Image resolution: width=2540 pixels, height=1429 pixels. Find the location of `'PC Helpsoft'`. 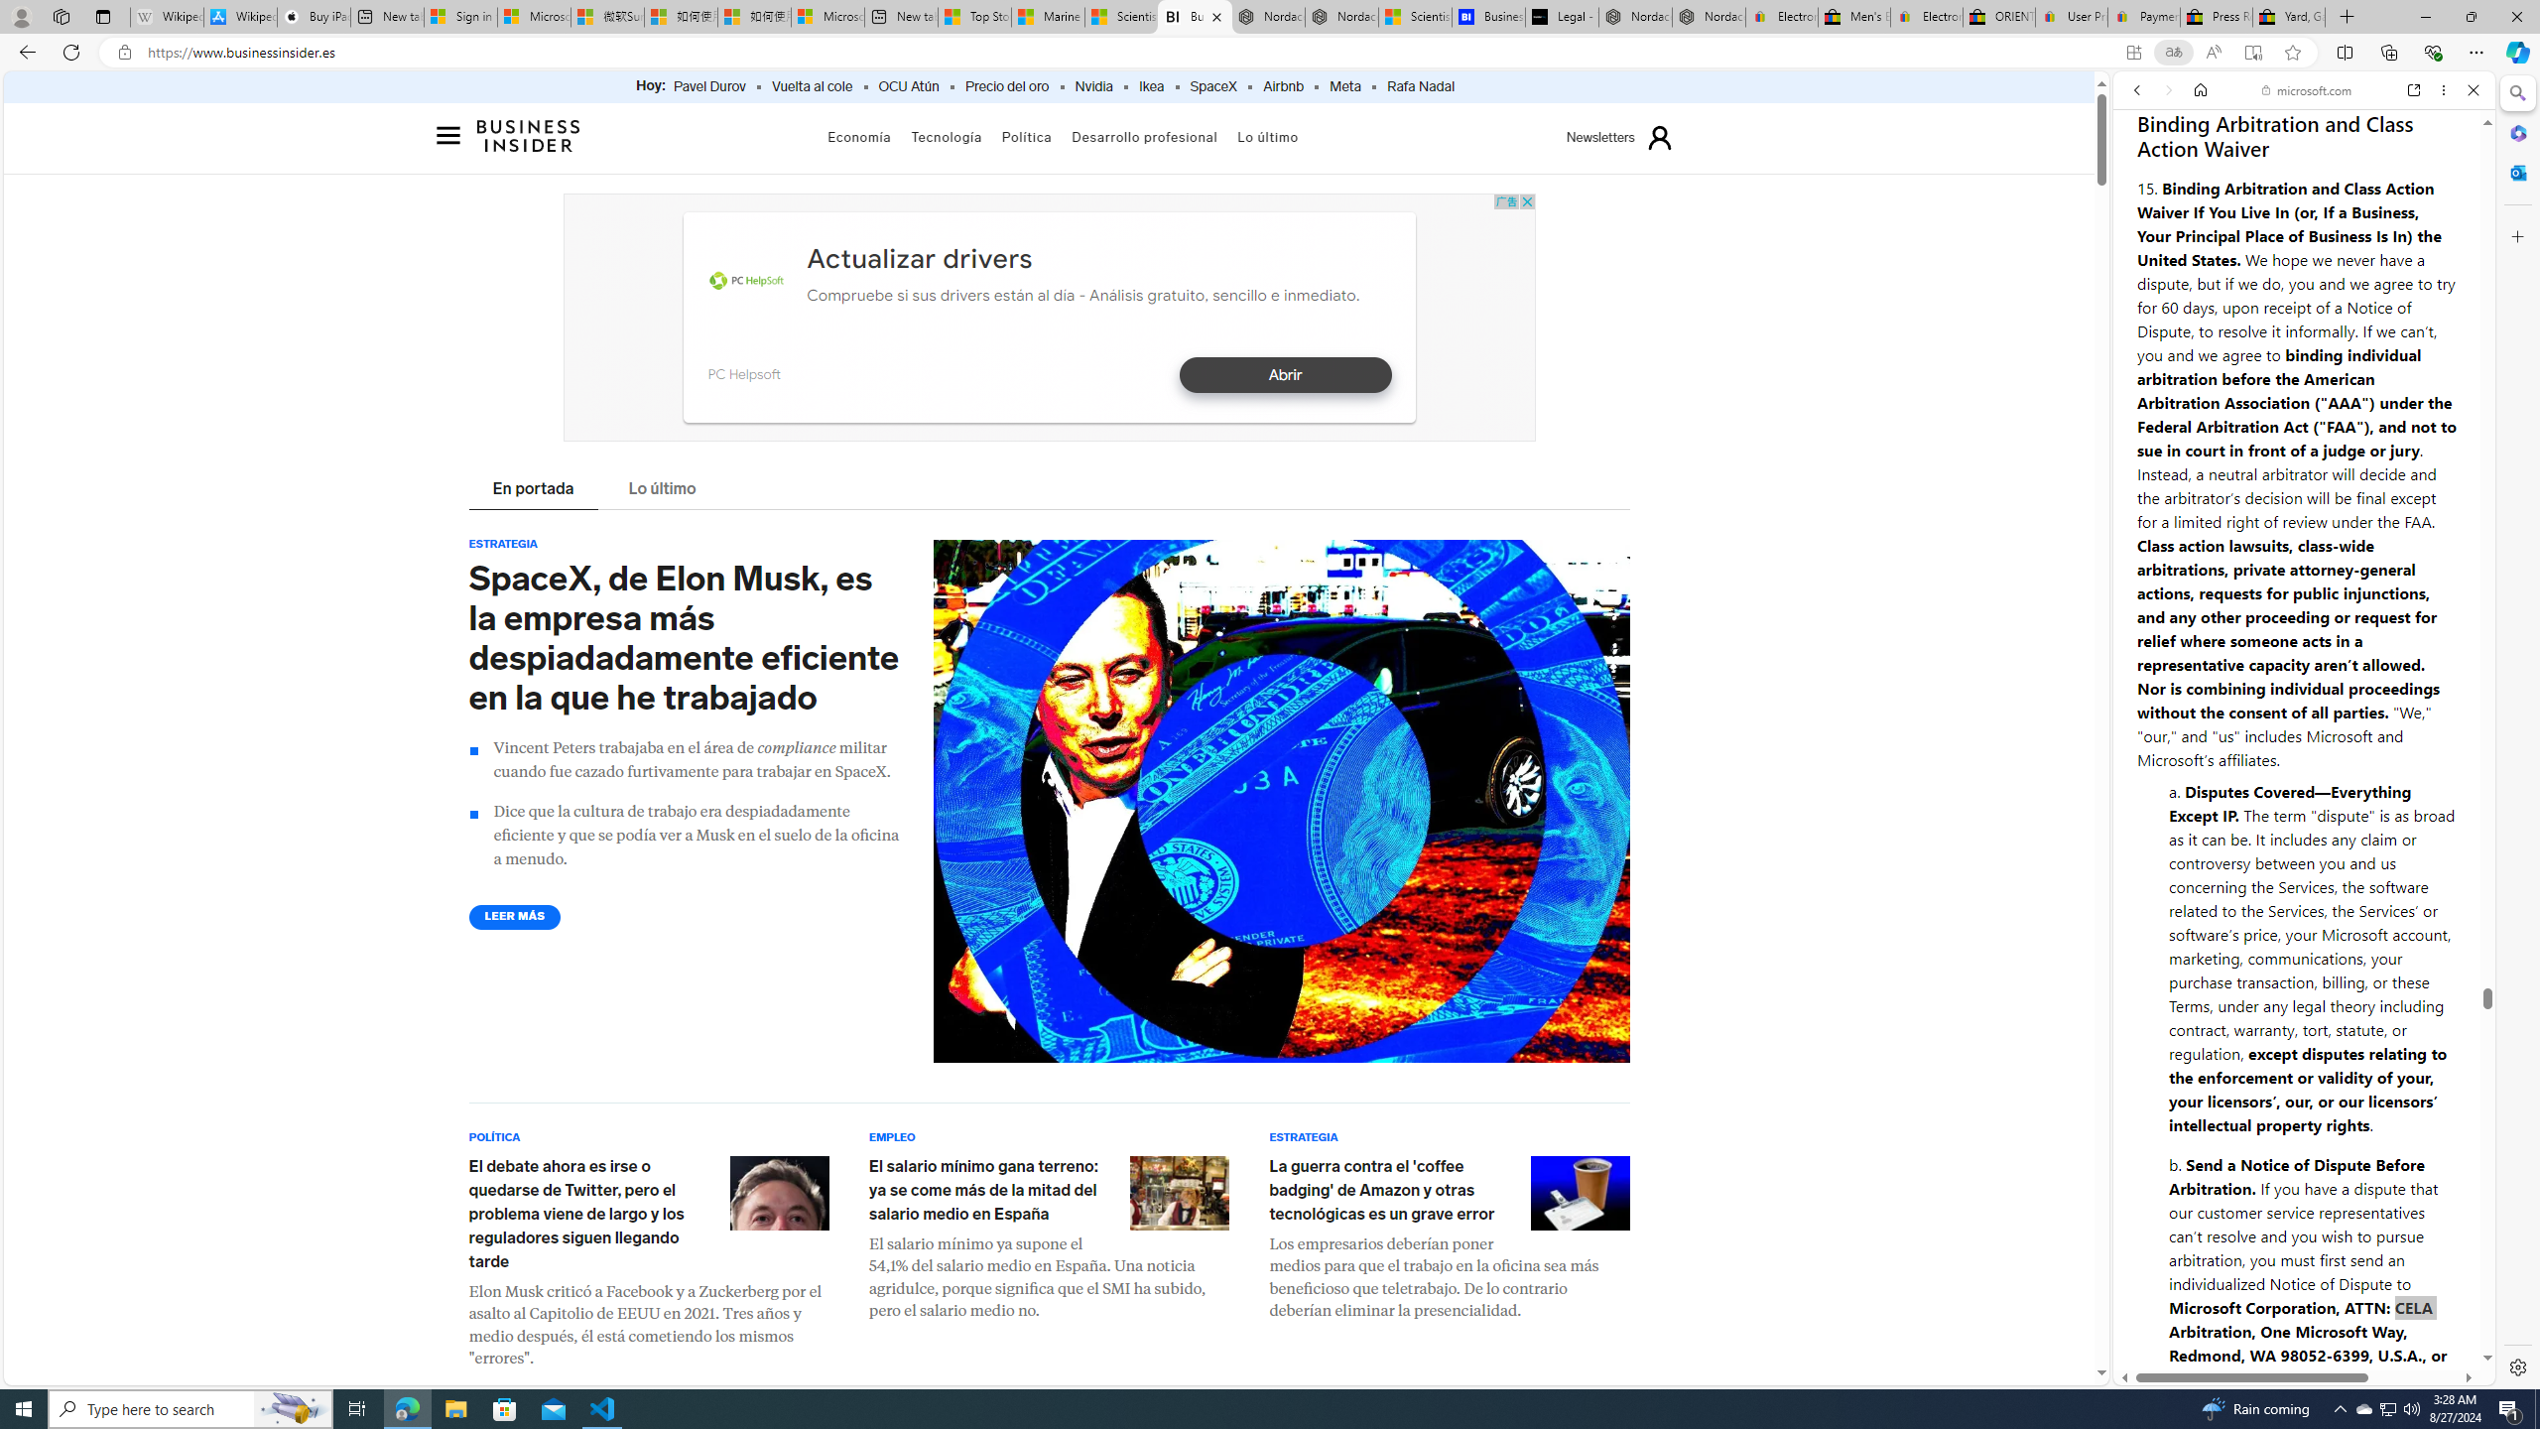

'PC Helpsoft' is located at coordinates (745, 281).